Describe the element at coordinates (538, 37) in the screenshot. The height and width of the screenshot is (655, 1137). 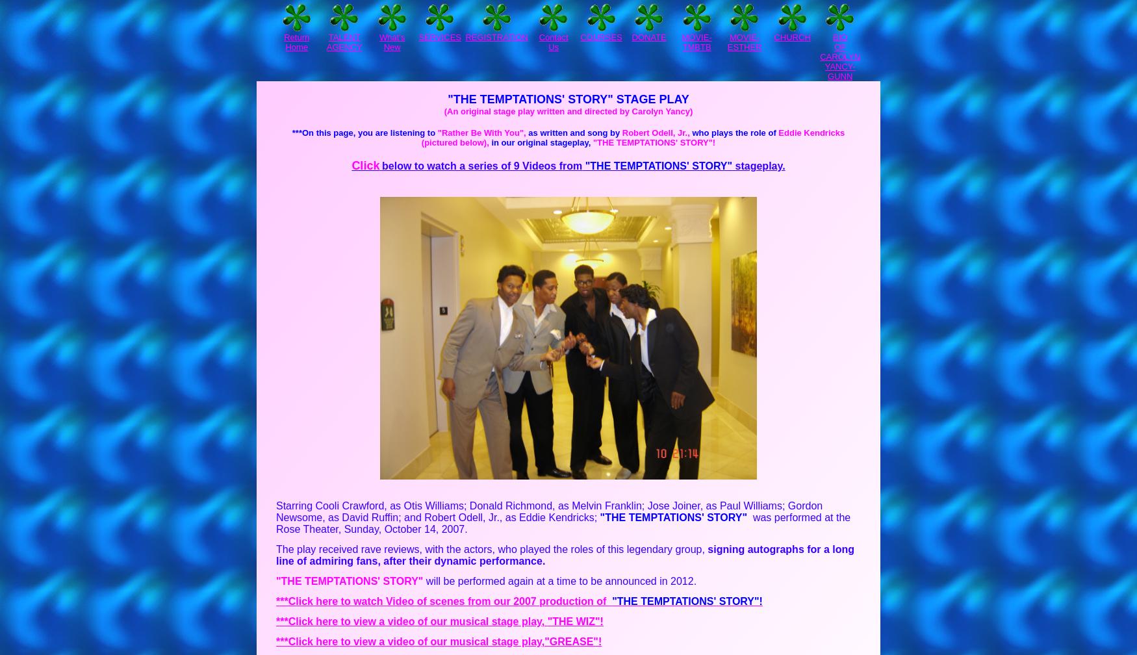
I see `'Contact'` at that location.